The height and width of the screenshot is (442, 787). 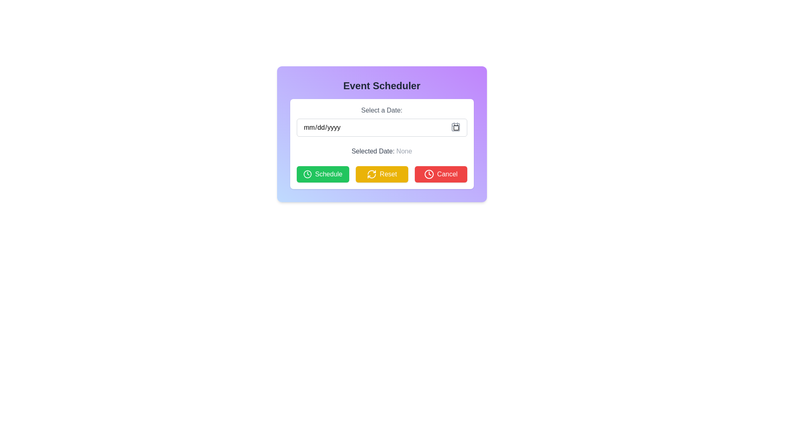 What do you see at coordinates (428, 174) in the screenshot?
I see `the SVG circle element that enhances the clock icon in the top-right corner of the 'Select a Date' field` at bounding box center [428, 174].